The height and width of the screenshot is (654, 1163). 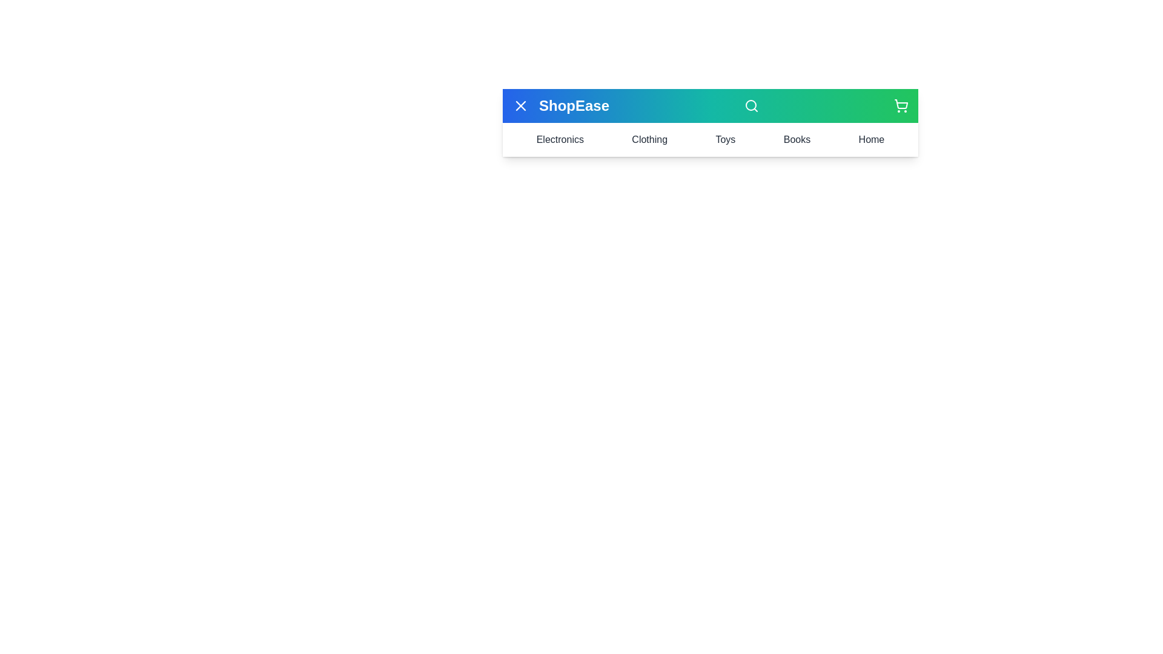 What do you see at coordinates (901, 105) in the screenshot?
I see `the shopping cart icon to access the shopping cart` at bounding box center [901, 105].